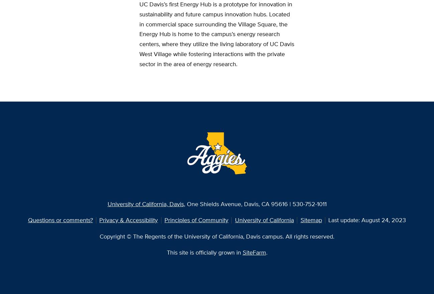 This screenshot has height=294, width=434. Describe the element at coordinates (328, 220) in the screenshot. I see `'Last update: August 24, 2023'` at that location.